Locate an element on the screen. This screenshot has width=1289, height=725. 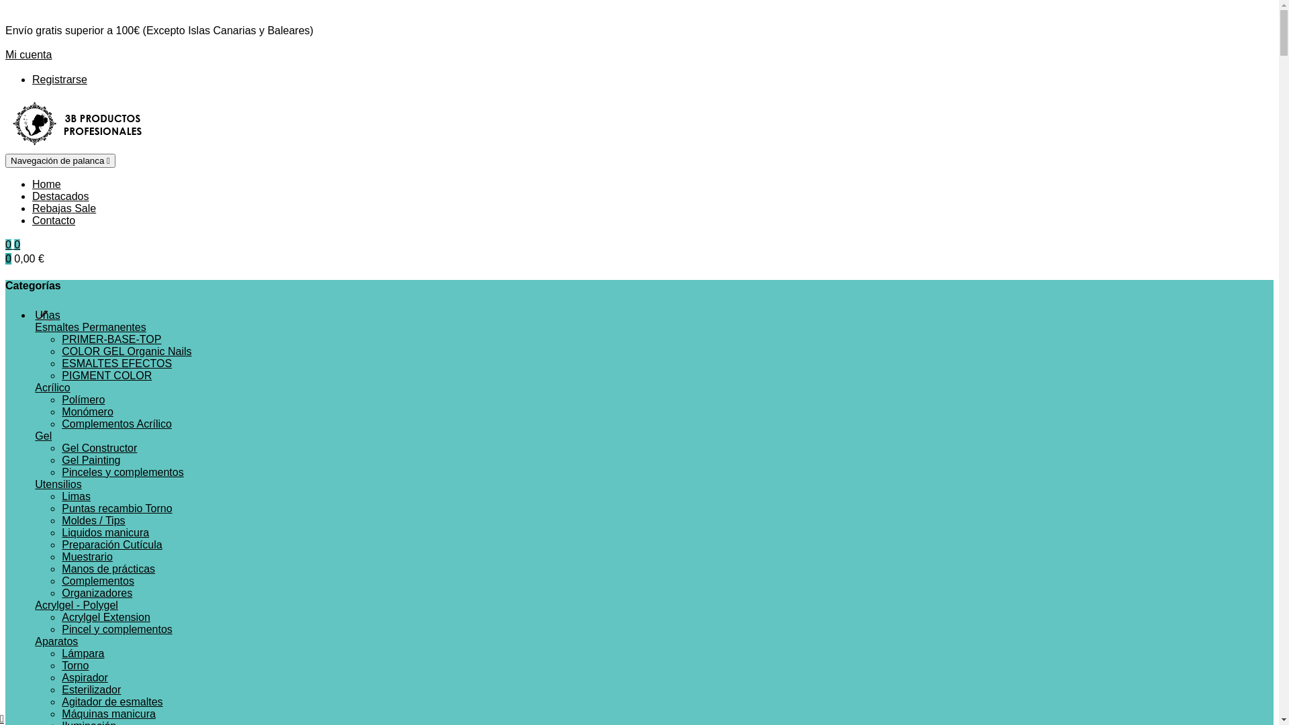
'Gel Constructor' is located at coordinates (99, 448).